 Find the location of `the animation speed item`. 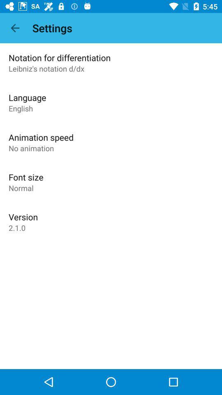

the animation speed item is located at coordinates (41, 137).